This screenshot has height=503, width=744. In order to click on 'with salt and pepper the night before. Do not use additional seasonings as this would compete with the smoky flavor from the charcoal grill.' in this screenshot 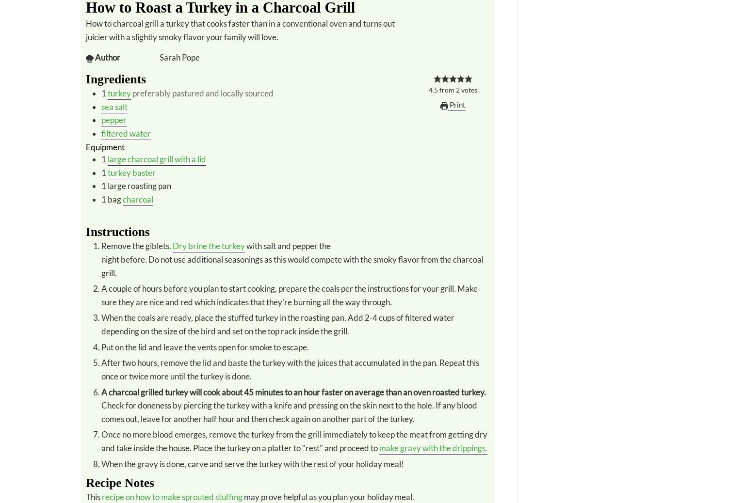, I will do `click(292, 258)`.